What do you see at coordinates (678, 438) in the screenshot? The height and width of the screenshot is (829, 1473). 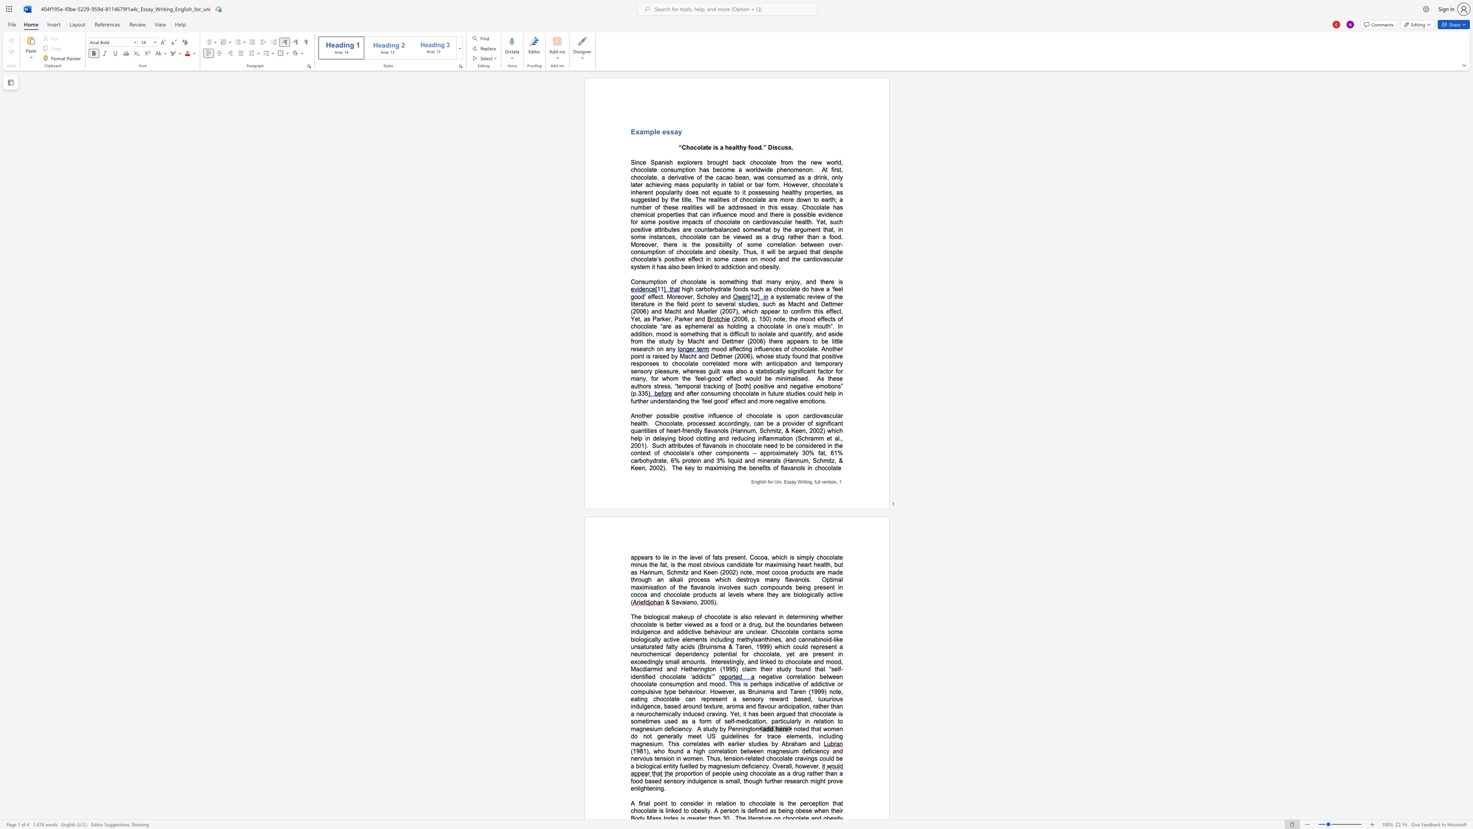 I see `the subset text "blood clotting and reducing inflammation" within the text "Chocolate, processed accordingly, can be a provider of significant quantities of heart-friendly flavanols (Hannum, Schmitz, & Keen, 2002) which help in delaying blood clotting and reducing inflammation (Schramm et al., 2001)"` at bounding box center [678, 438].